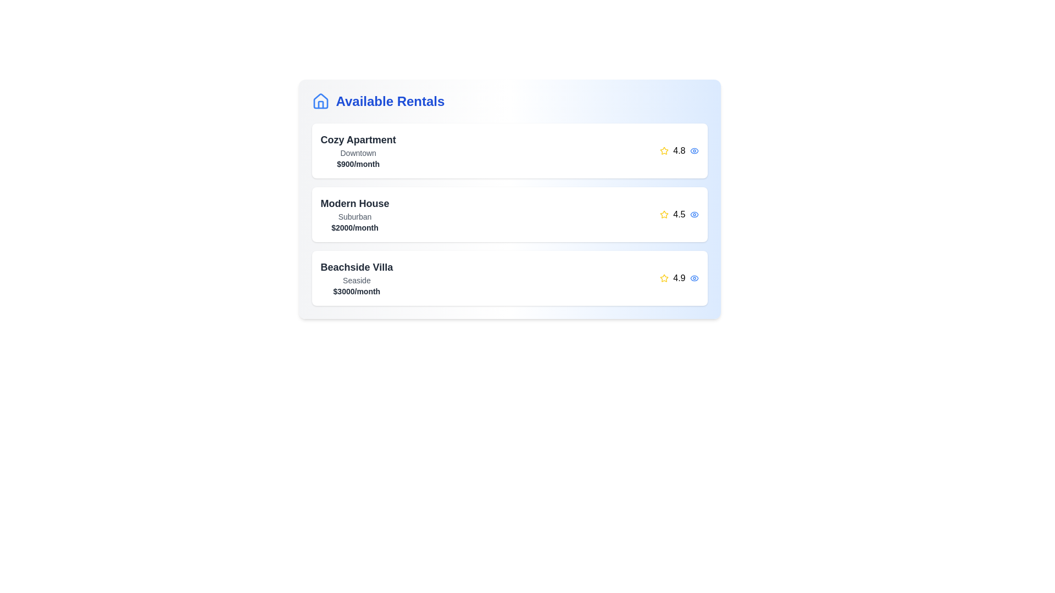  Describe the element at coordinates (693, 150) in the screenshot. I see `the eye icon for the rental listing corresponding to Cozy Apartment` at that location.